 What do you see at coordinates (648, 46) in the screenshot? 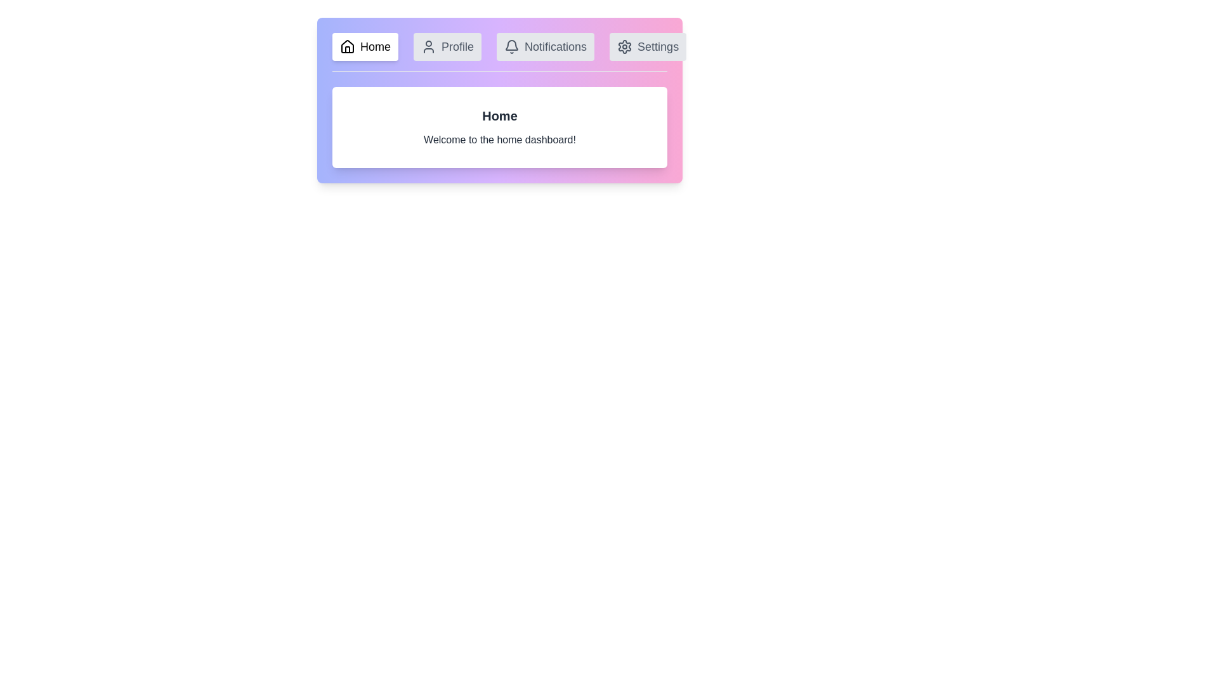
I see `the tab labeled Settings to select it` at bounding box center [648, 46].